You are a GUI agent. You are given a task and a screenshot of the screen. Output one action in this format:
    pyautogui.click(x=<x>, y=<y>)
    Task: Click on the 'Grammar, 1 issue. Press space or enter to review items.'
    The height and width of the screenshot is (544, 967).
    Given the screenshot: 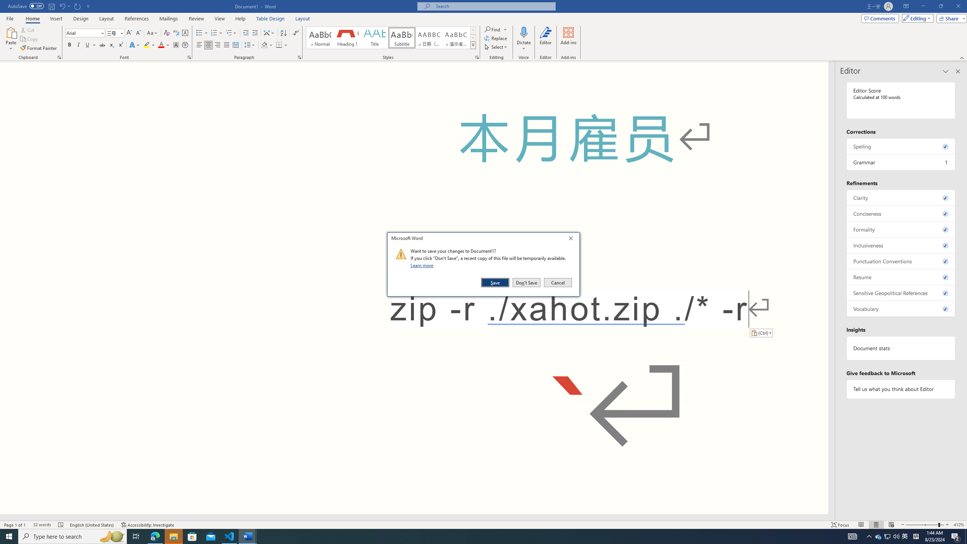 What is the action you would take?
    pyautogui.click(x=901, y=162)
    